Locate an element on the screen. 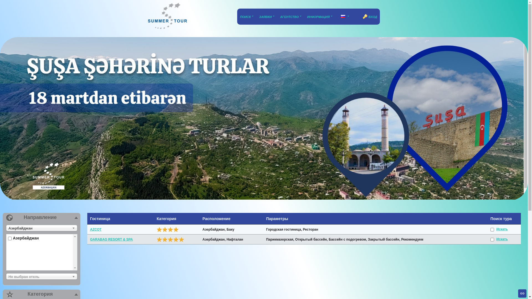 This screenshot has height=299, width=532. 'GARABAG RESORT & SPA' is located at coordinates (111, 239).